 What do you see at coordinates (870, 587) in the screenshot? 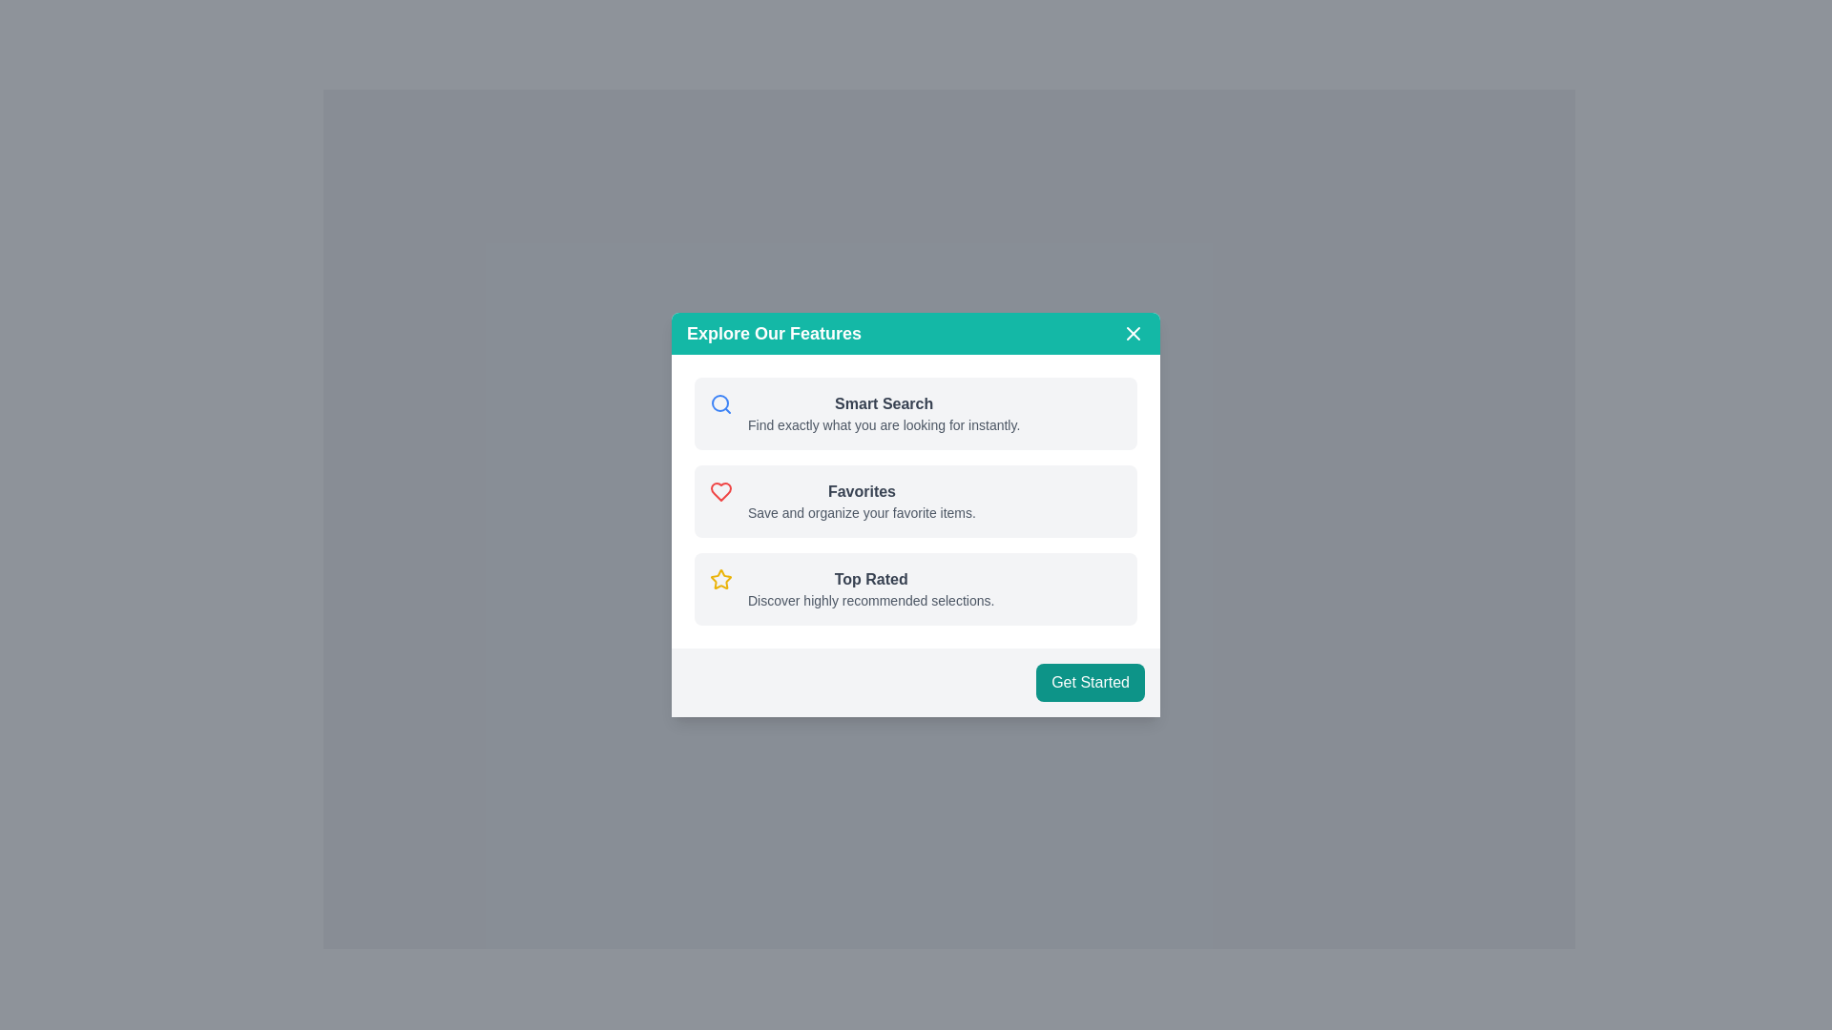
I see `informational text element titled 'Top Rated' which includes the subtitle 'Discover highly recommended selections.'` at bounding box center [870, 587].